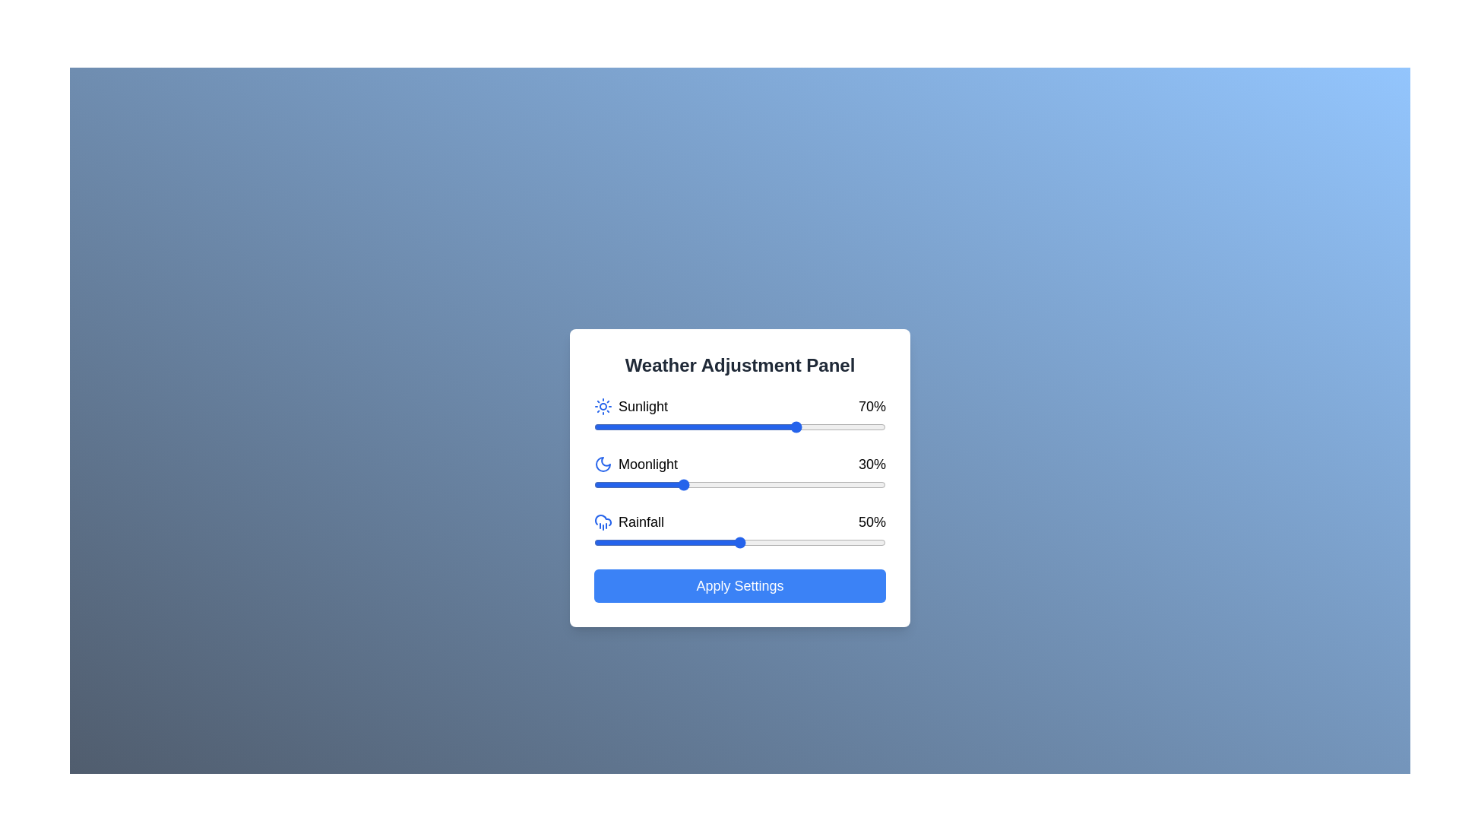 The width and height of the screenshot is (1459, 821). What do you see at coordinates (871, 484) in the screenshot?
I see `the moonlight slider to 95%` at bounding box center [871, 484].